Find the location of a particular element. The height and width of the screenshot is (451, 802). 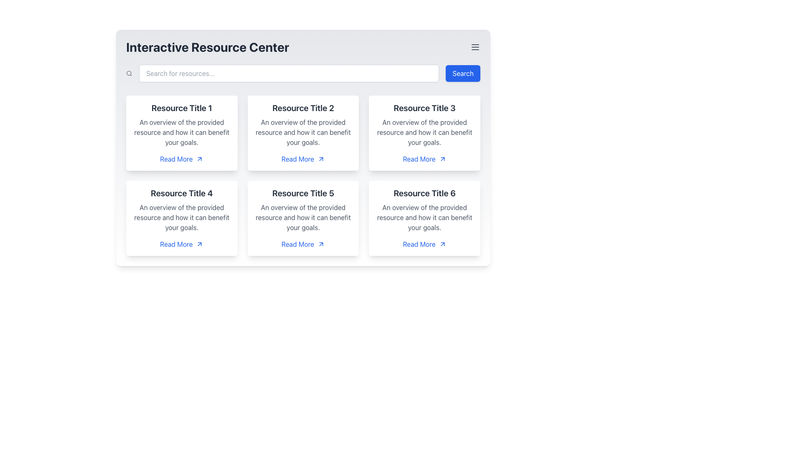

the small circular SVG element that is the center of the magnifying glass icon located to the left of the search bar at the top of the interface is located at coordinates (128, 73).